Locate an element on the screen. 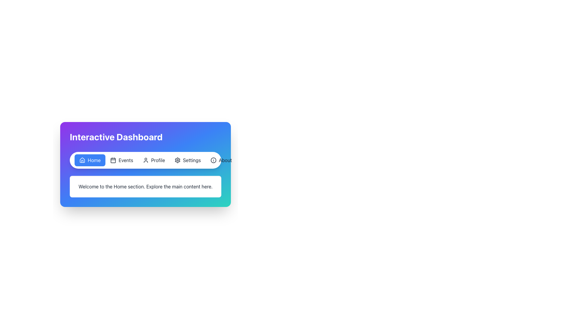  the decorative home icon located in the navigation menu at the top section of the interactive dashboard UI, to the left of the text 'Home' is located at coordinates (82, 160).